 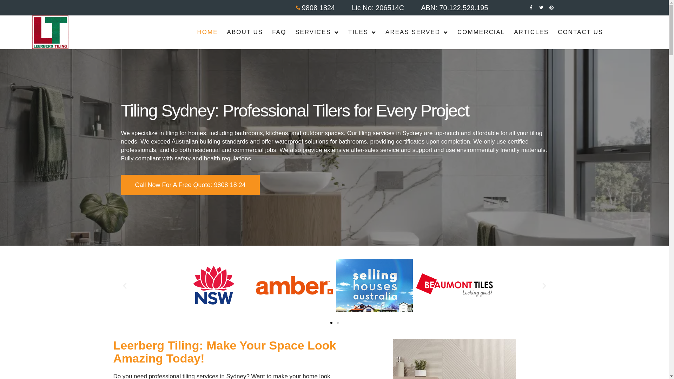 I want to click on 'SERVICES', so click(x=317, y=32).